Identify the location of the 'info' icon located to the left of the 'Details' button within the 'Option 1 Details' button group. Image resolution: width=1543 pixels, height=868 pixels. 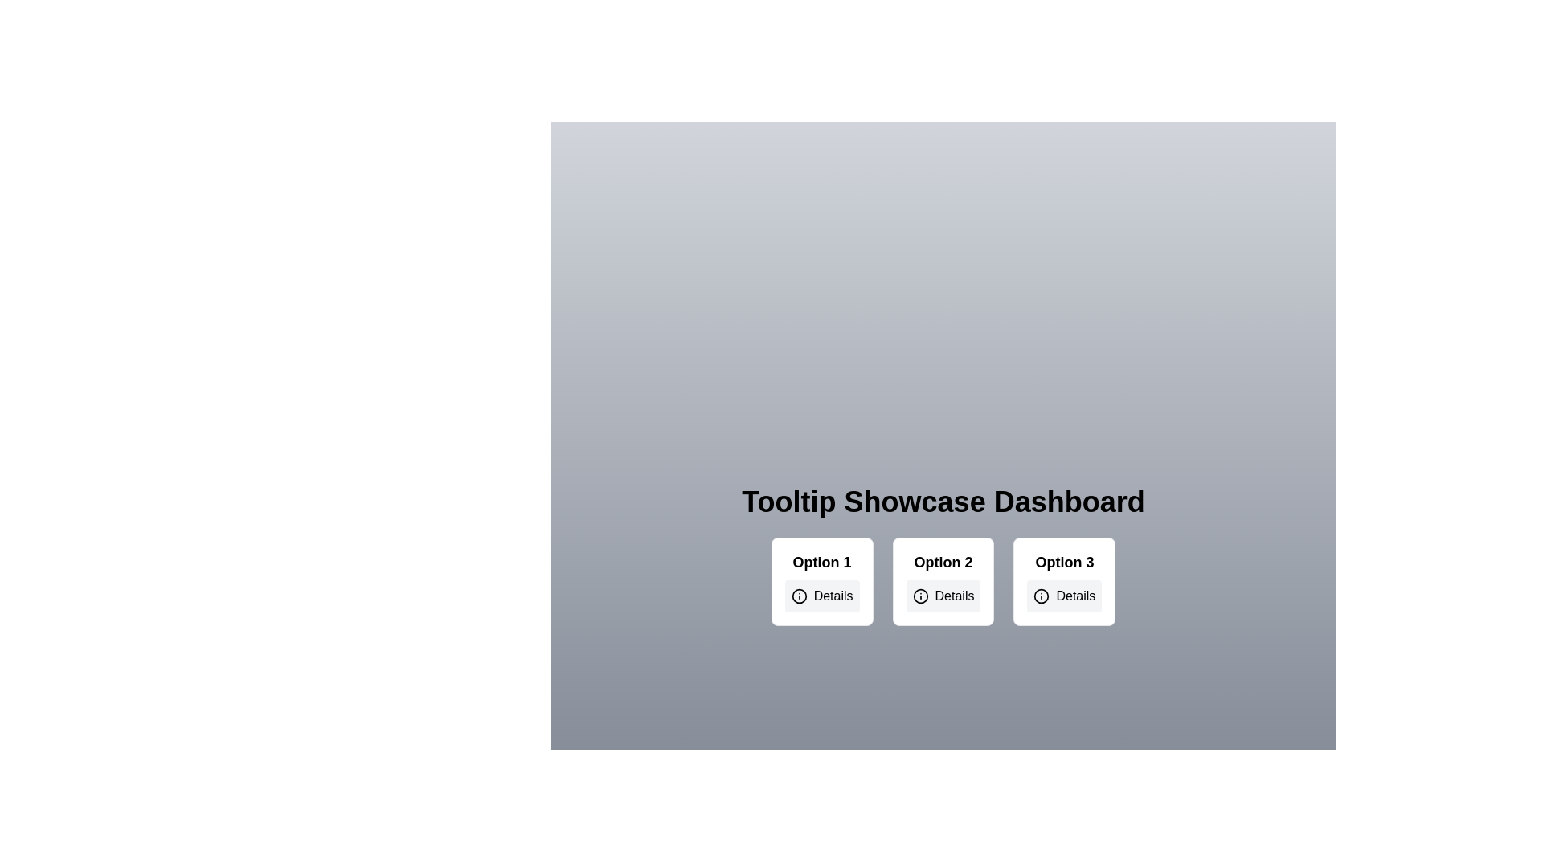
(799, 596).